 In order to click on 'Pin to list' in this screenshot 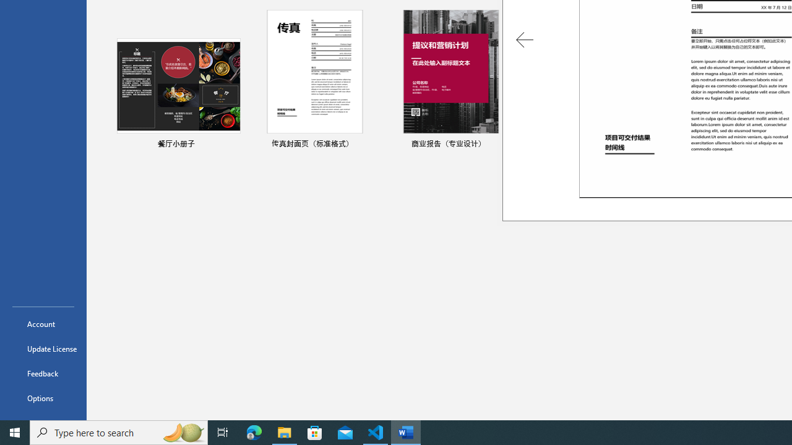, I will do `click(776, 145)`.